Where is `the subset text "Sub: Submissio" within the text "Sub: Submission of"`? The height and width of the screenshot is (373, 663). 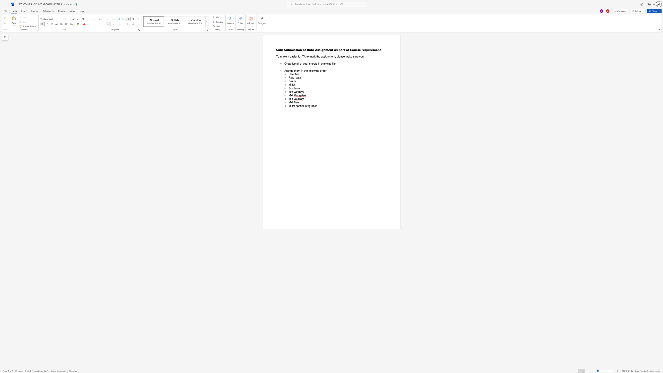 the subset text "Sub: Submissio" within the text "Sub: Submission of" is located at coordinates (276, 49).